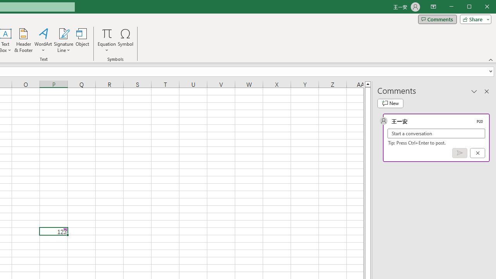 Image resolution: width=496 pixels, height=279 pixels. Describe the element at coordinates (390, 103) in the screenshot. I see `'New comment'` at that location.